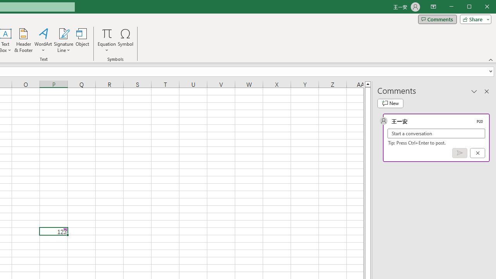 Image resolution: width=496 pixels, height=279 pixels. Describe the element at coordinates (390, 103) in the screenshot. I see `'New comment'` at that location.